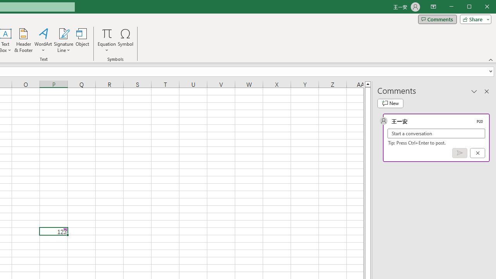 Image resolution: width=496 pixels, height=279 pixels. Describe the element at coordinates (390, 103) in the screenshot. I see `'New comment'` at that location.